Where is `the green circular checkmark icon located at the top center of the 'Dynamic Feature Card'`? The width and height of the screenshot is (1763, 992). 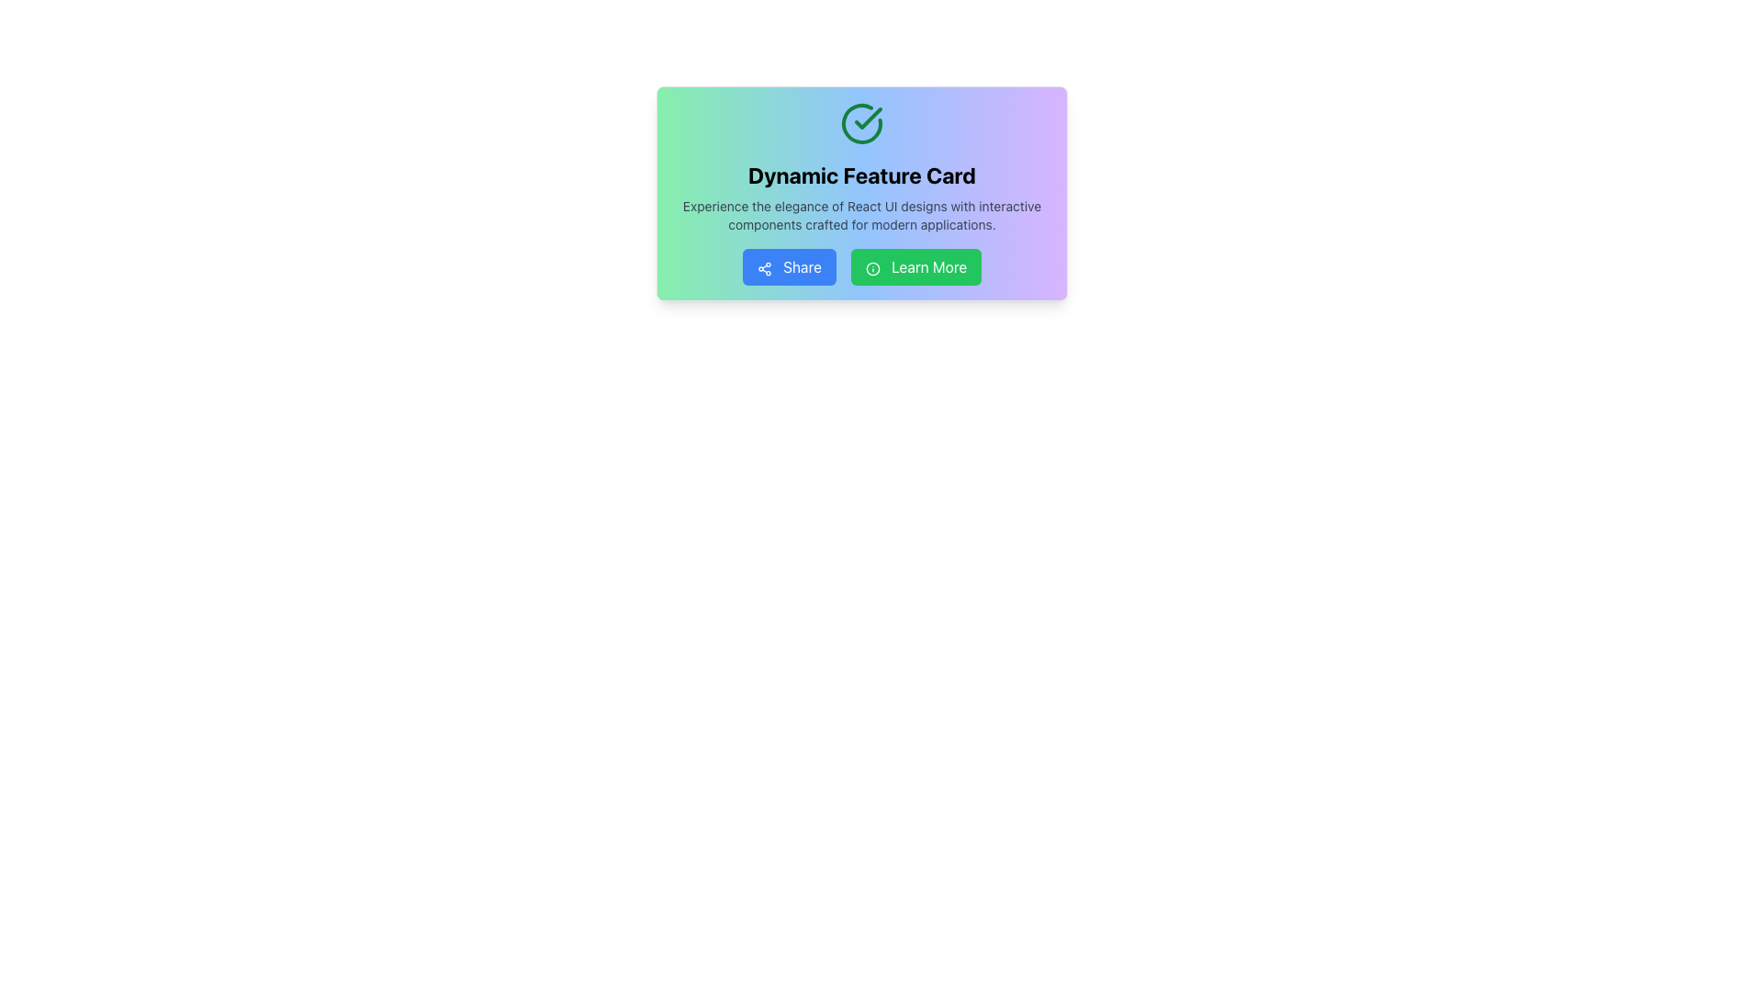 the green circular checkmark icon located at the top center of the 'Dynamic Feature Card' is located at coordinates (861, 124).